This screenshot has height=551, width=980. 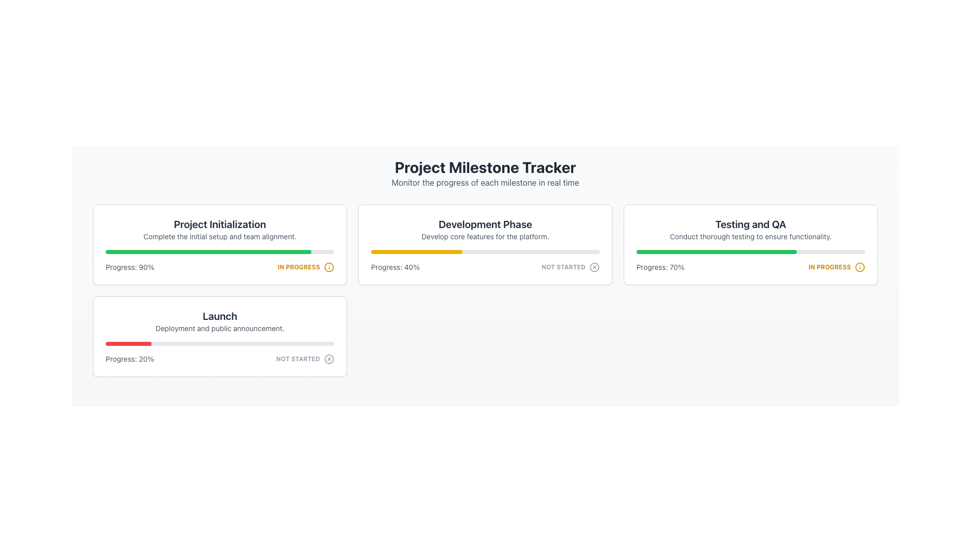 I want to click on the Status Icon located within the 'Development Phase' milestone card, positioned to the right of the 'Not Started' label, so click(x=595, y=267).